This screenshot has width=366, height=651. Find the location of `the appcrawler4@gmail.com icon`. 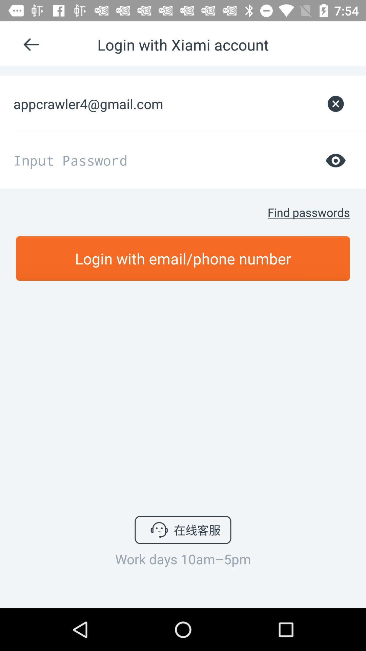

the appcrawler4@gmail.com icon is located at coordinates (166, 103).